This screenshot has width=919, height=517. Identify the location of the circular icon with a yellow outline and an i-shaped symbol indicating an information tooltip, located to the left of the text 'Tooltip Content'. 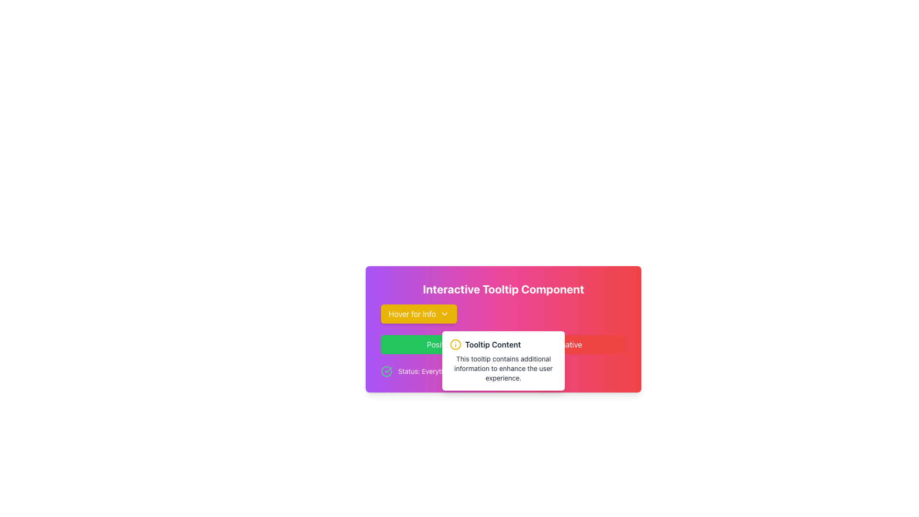
(455, 345).